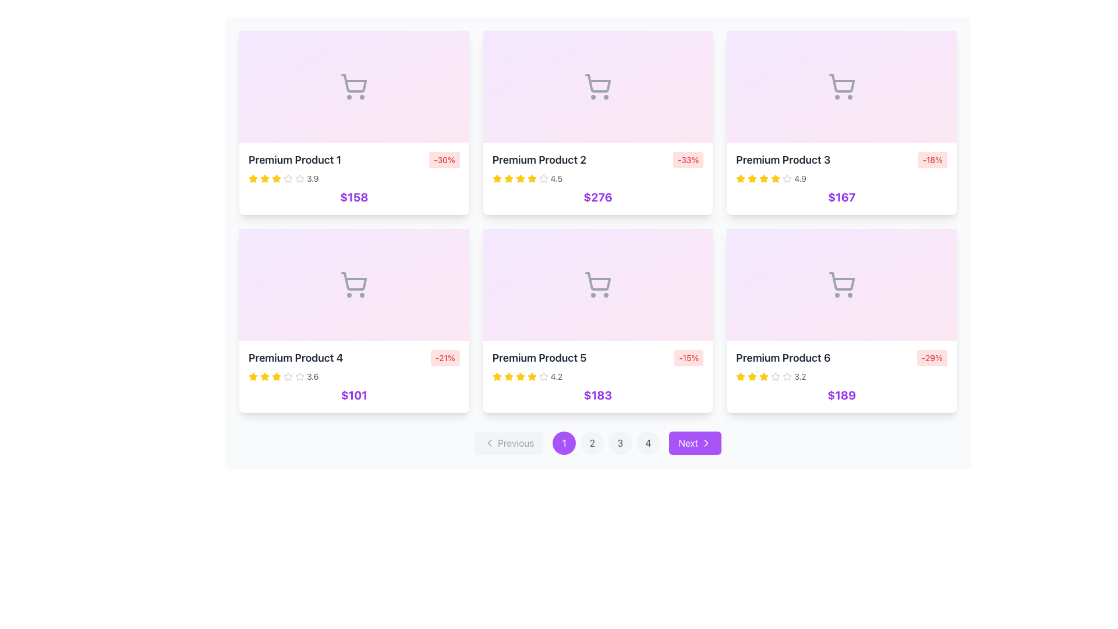 The height and width of the screenshot is (629, 1118). I want to click on the graphical shopping cart icon located at the upper section of the card labeled 'Premium Product 4', which features a minimalist outline style on a gradient background, so click(353, 285).